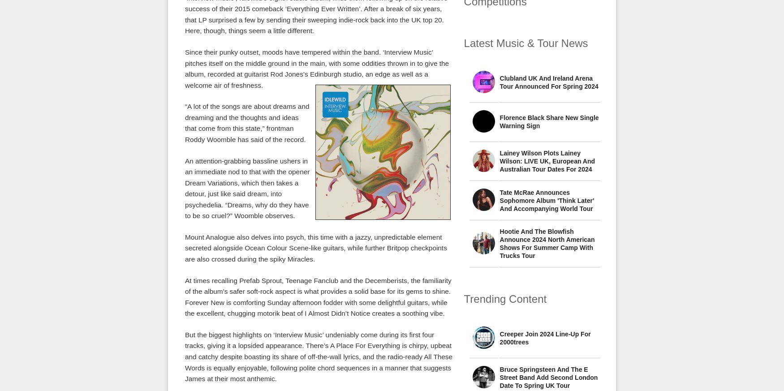 The height and width of the screenshot is (391, 784). What do you see at coordinates (319, 357) in the screenshot?
I see `'But the biggest highlights on ‘Interview Music’ undeniably come during its first four tracks, giving it a lopsided appearance. There’s A Place For Everything is chirpy, upbeat and catchy despite boasting its share of off-the-wall lyrics, and the radio-ready All These Words is equally enjoyable, following polite chord sequences in a manner that suggests James at their most anthemic.'` at bounding box center [319, 357].